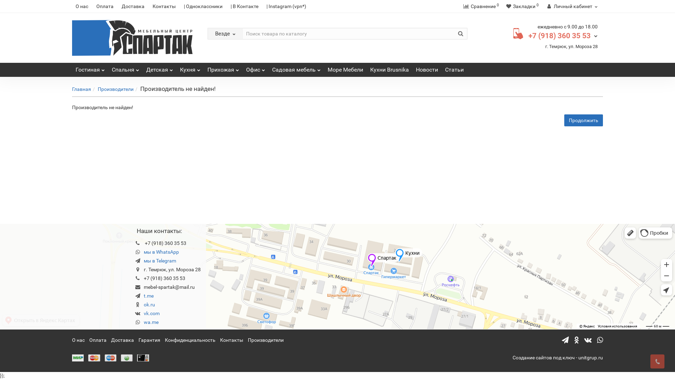  I want to click on '+7 (918) 360 35 53', so click(528, 35).